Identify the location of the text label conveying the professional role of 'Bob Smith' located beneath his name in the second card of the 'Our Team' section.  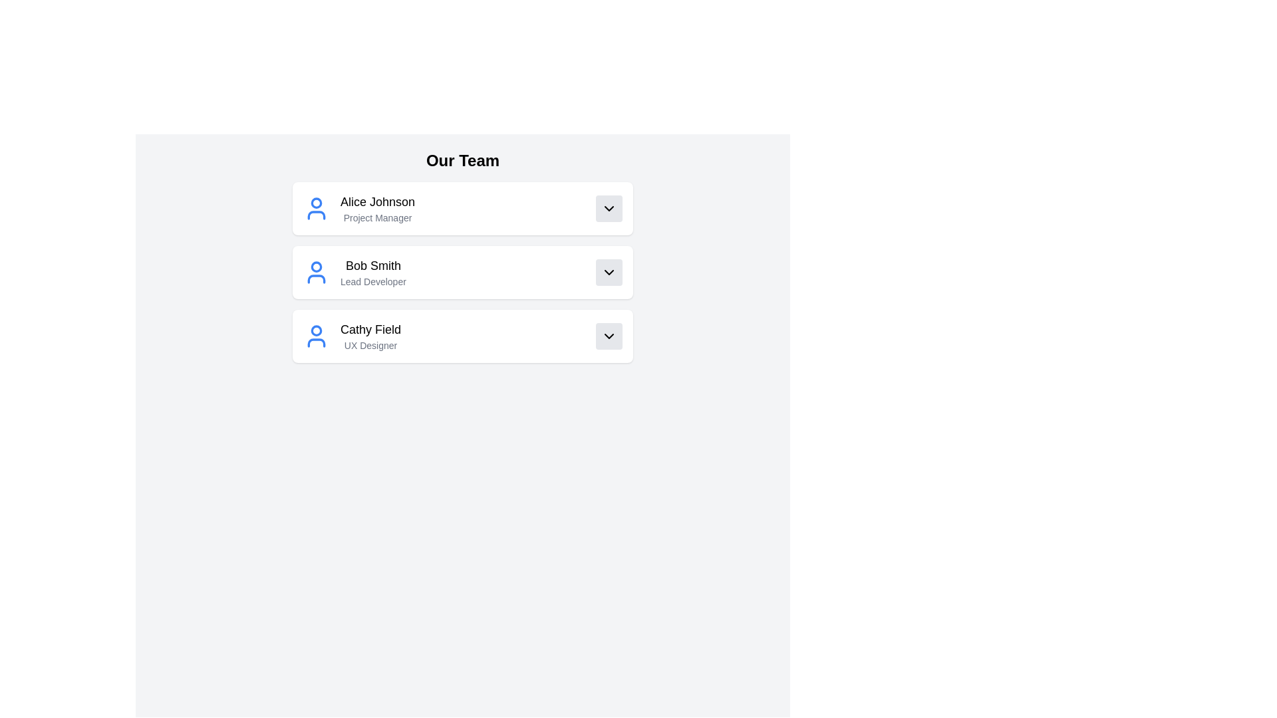
(372, 281).